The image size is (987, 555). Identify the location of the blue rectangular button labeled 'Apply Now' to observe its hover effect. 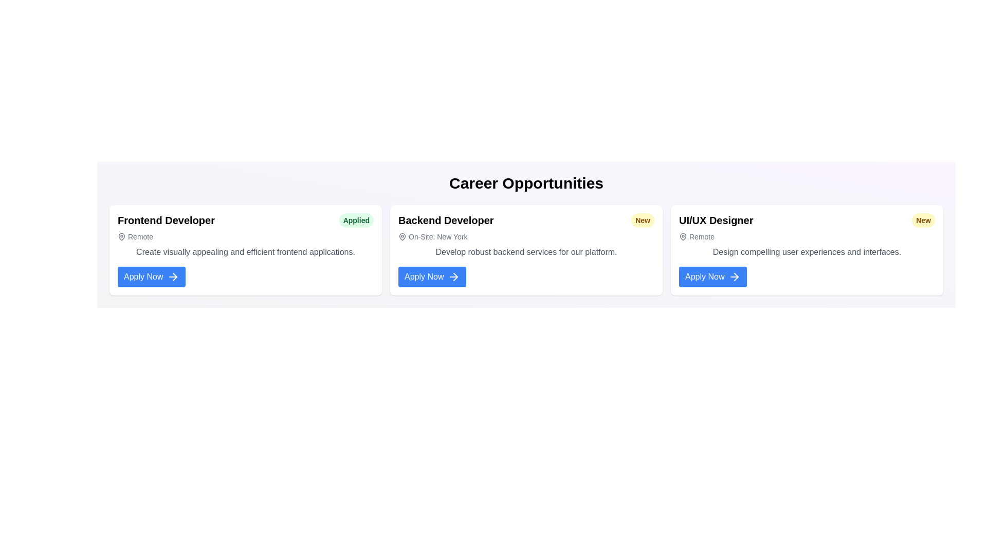
(432, 276).